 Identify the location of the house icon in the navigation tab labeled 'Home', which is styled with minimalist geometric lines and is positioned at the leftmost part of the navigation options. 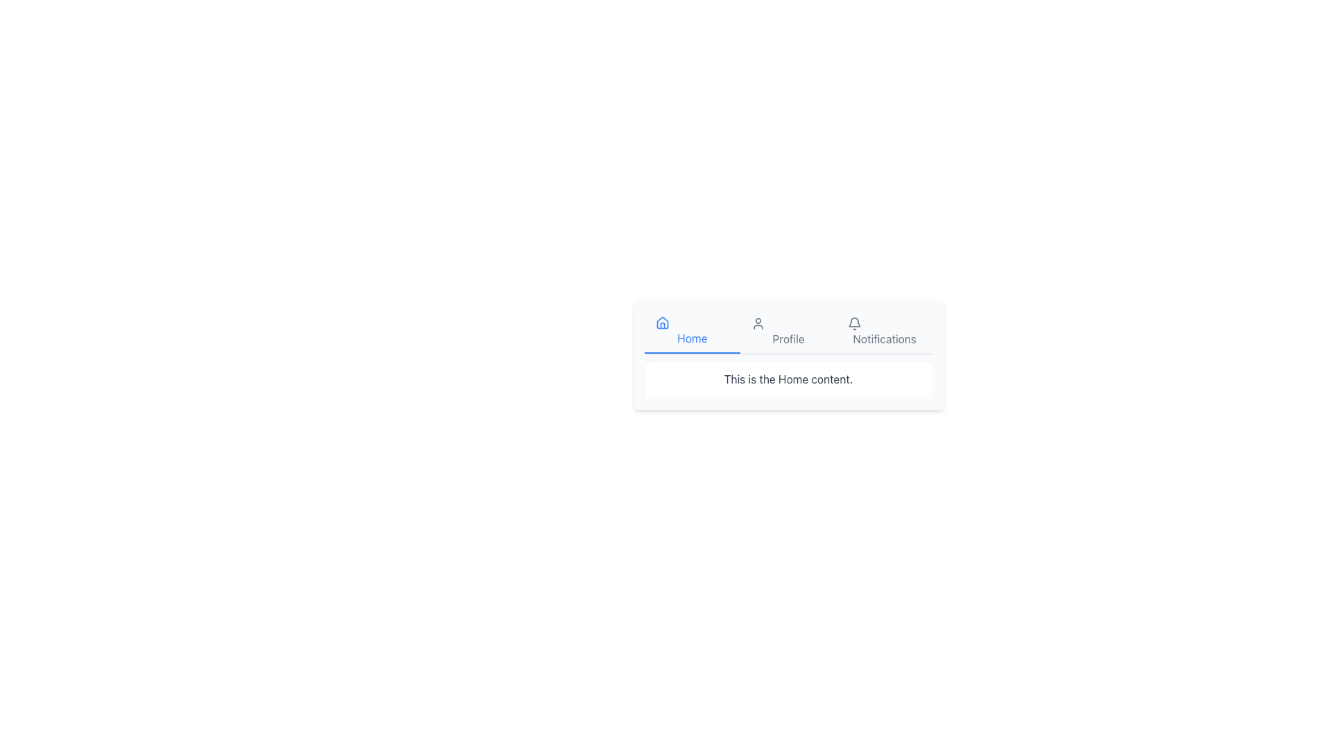
(692, 323).